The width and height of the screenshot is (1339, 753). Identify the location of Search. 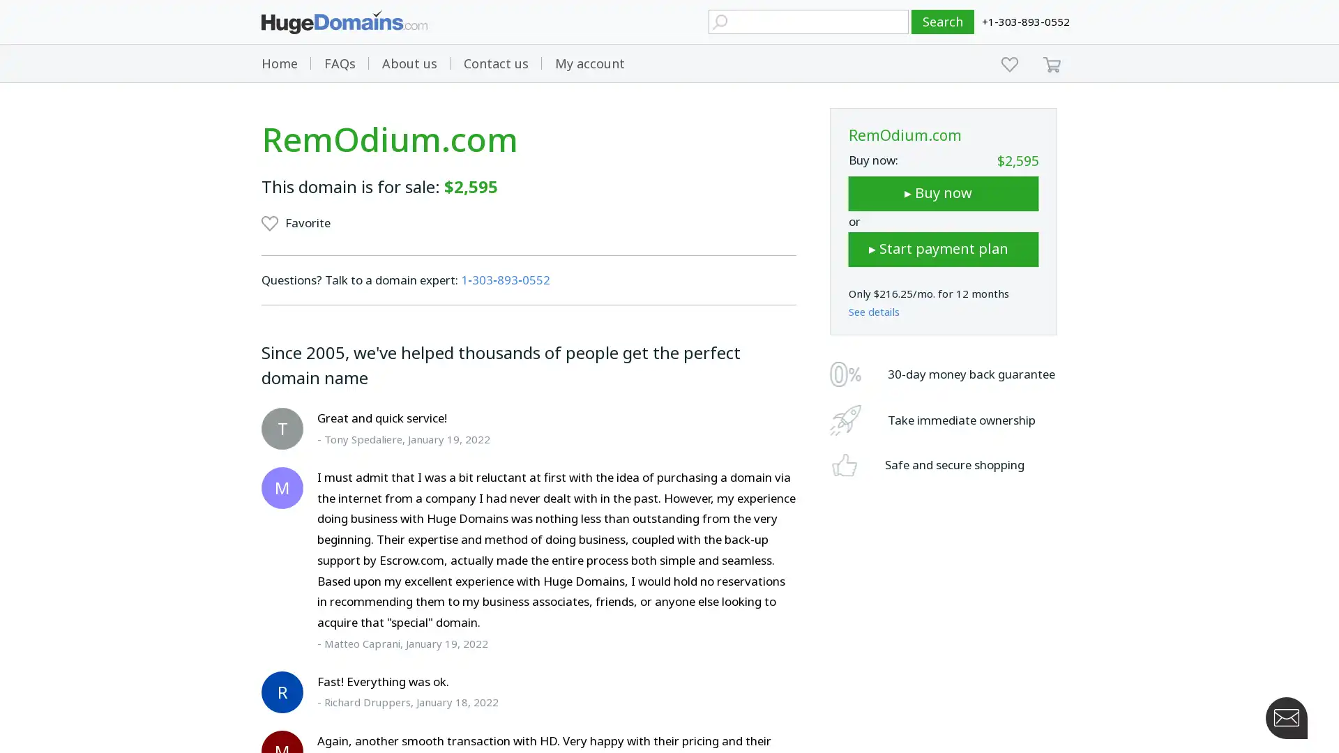
(943, 22).